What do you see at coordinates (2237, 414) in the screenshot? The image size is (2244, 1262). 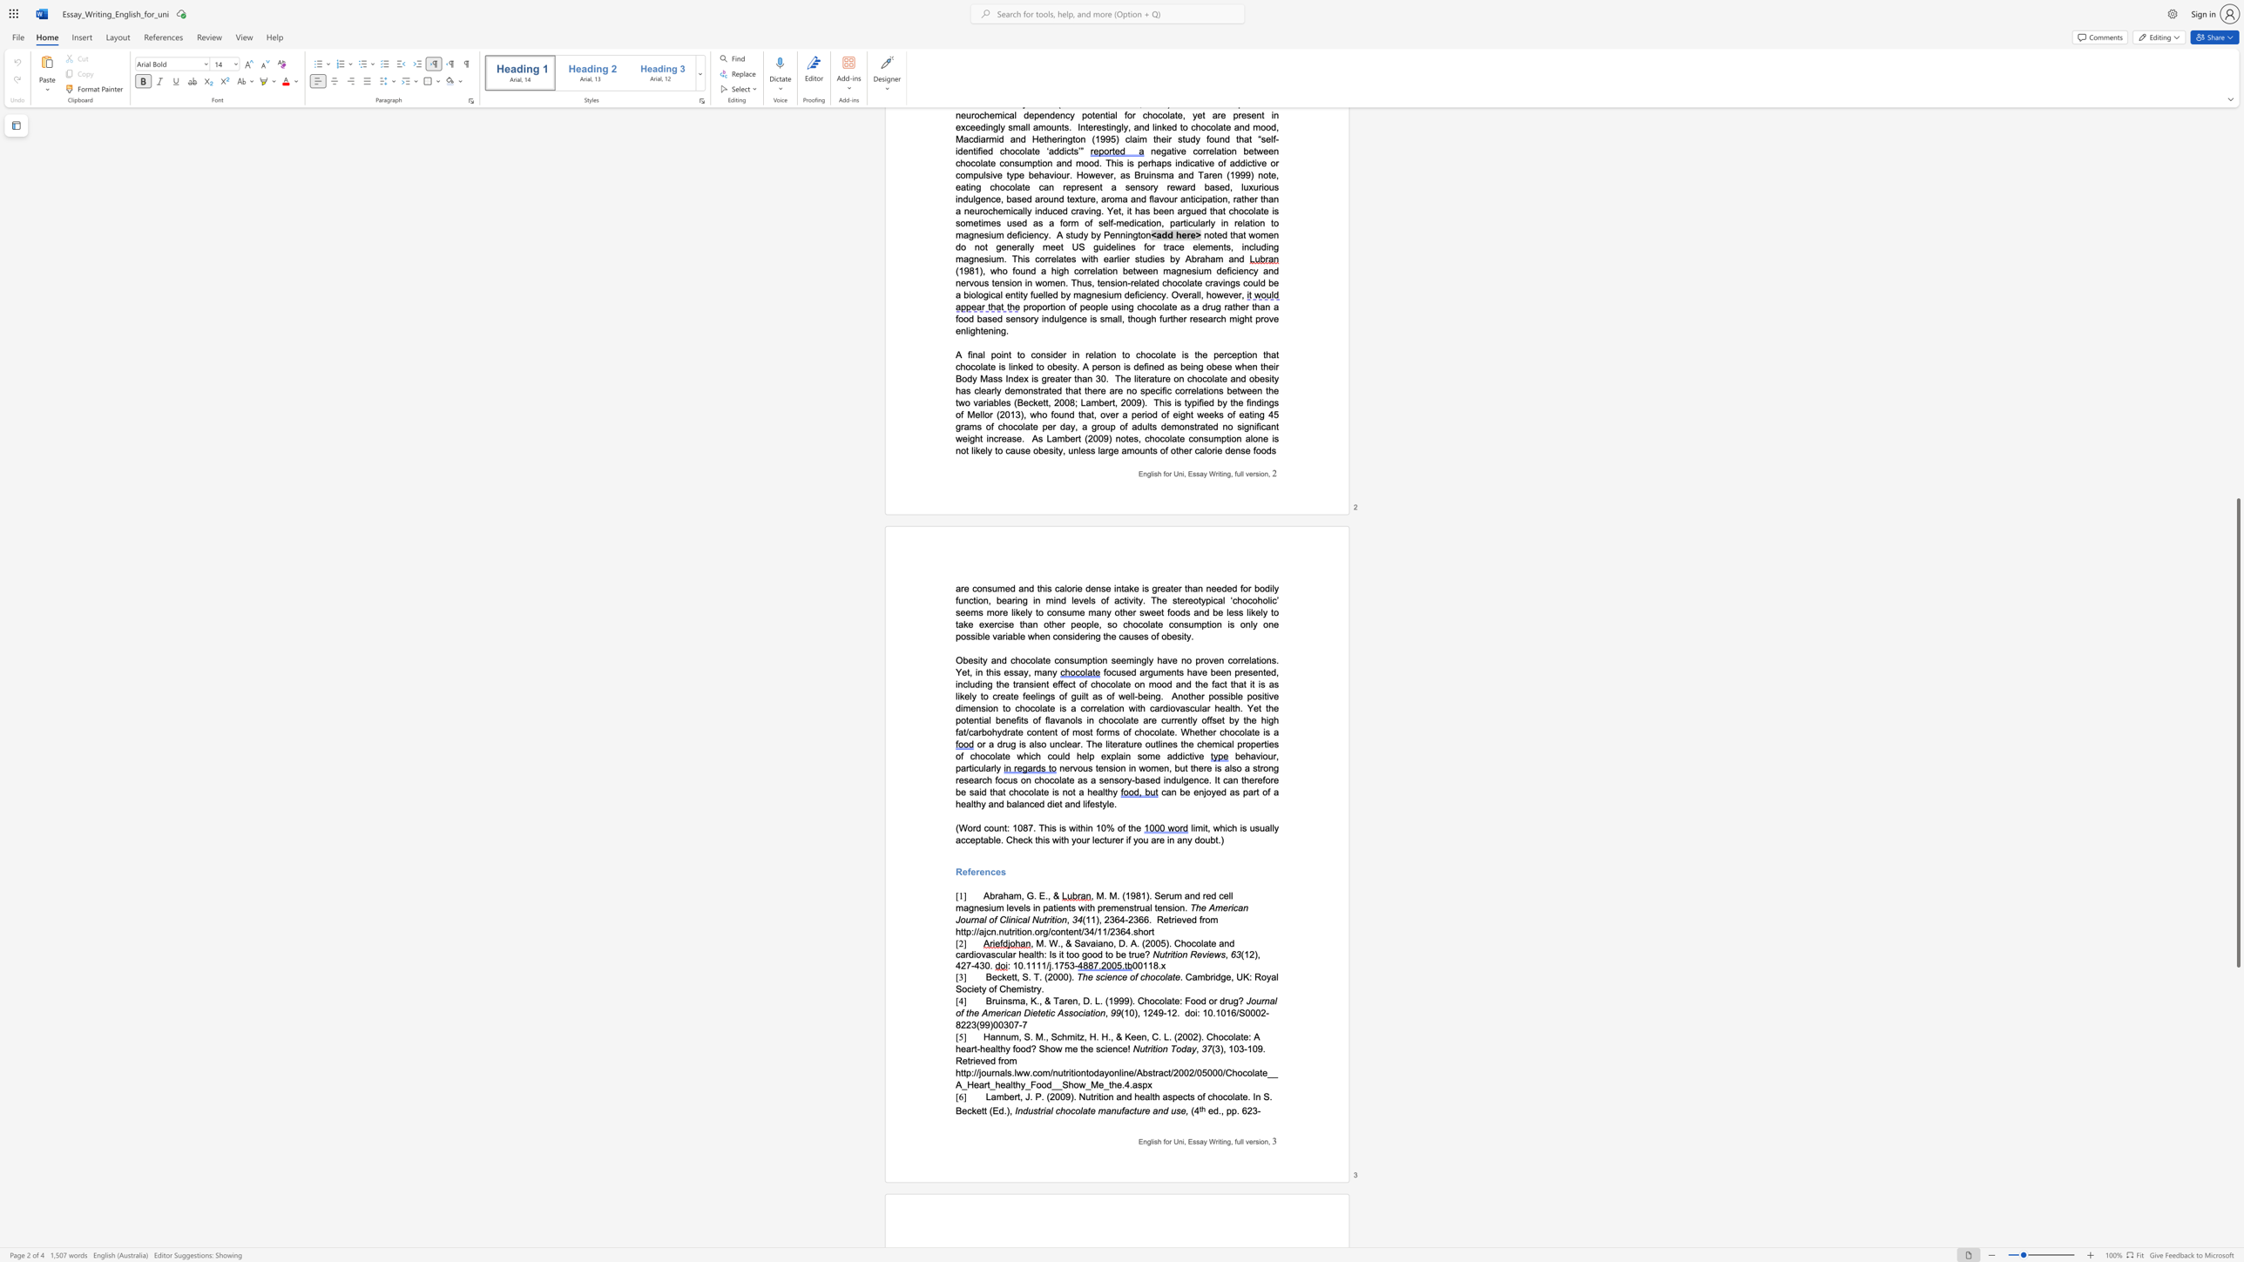 I see `the scrollbar to move the page upward` at bounding box center [2237, 414].